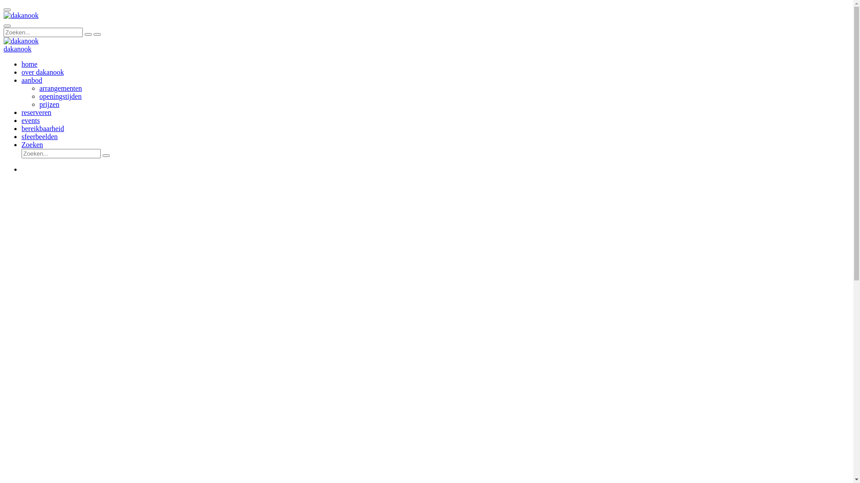  I want to click on 'dakanook', so click(4, 49).